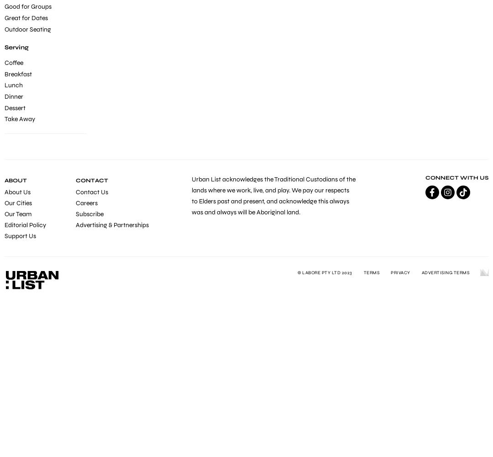 The width and height of the screenshot is (493, 457). I want to click on 'Dinner', so click(14, 96).